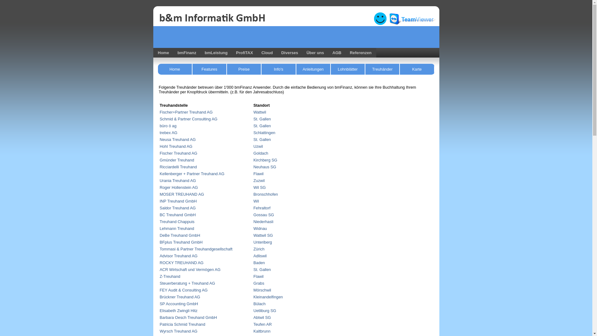 Image resolution: width=597 pixels, height=336 pixels. Describe the element at coordinates (265, 160) in the screenshot. I see `'Kirchberg SG'` at that location.